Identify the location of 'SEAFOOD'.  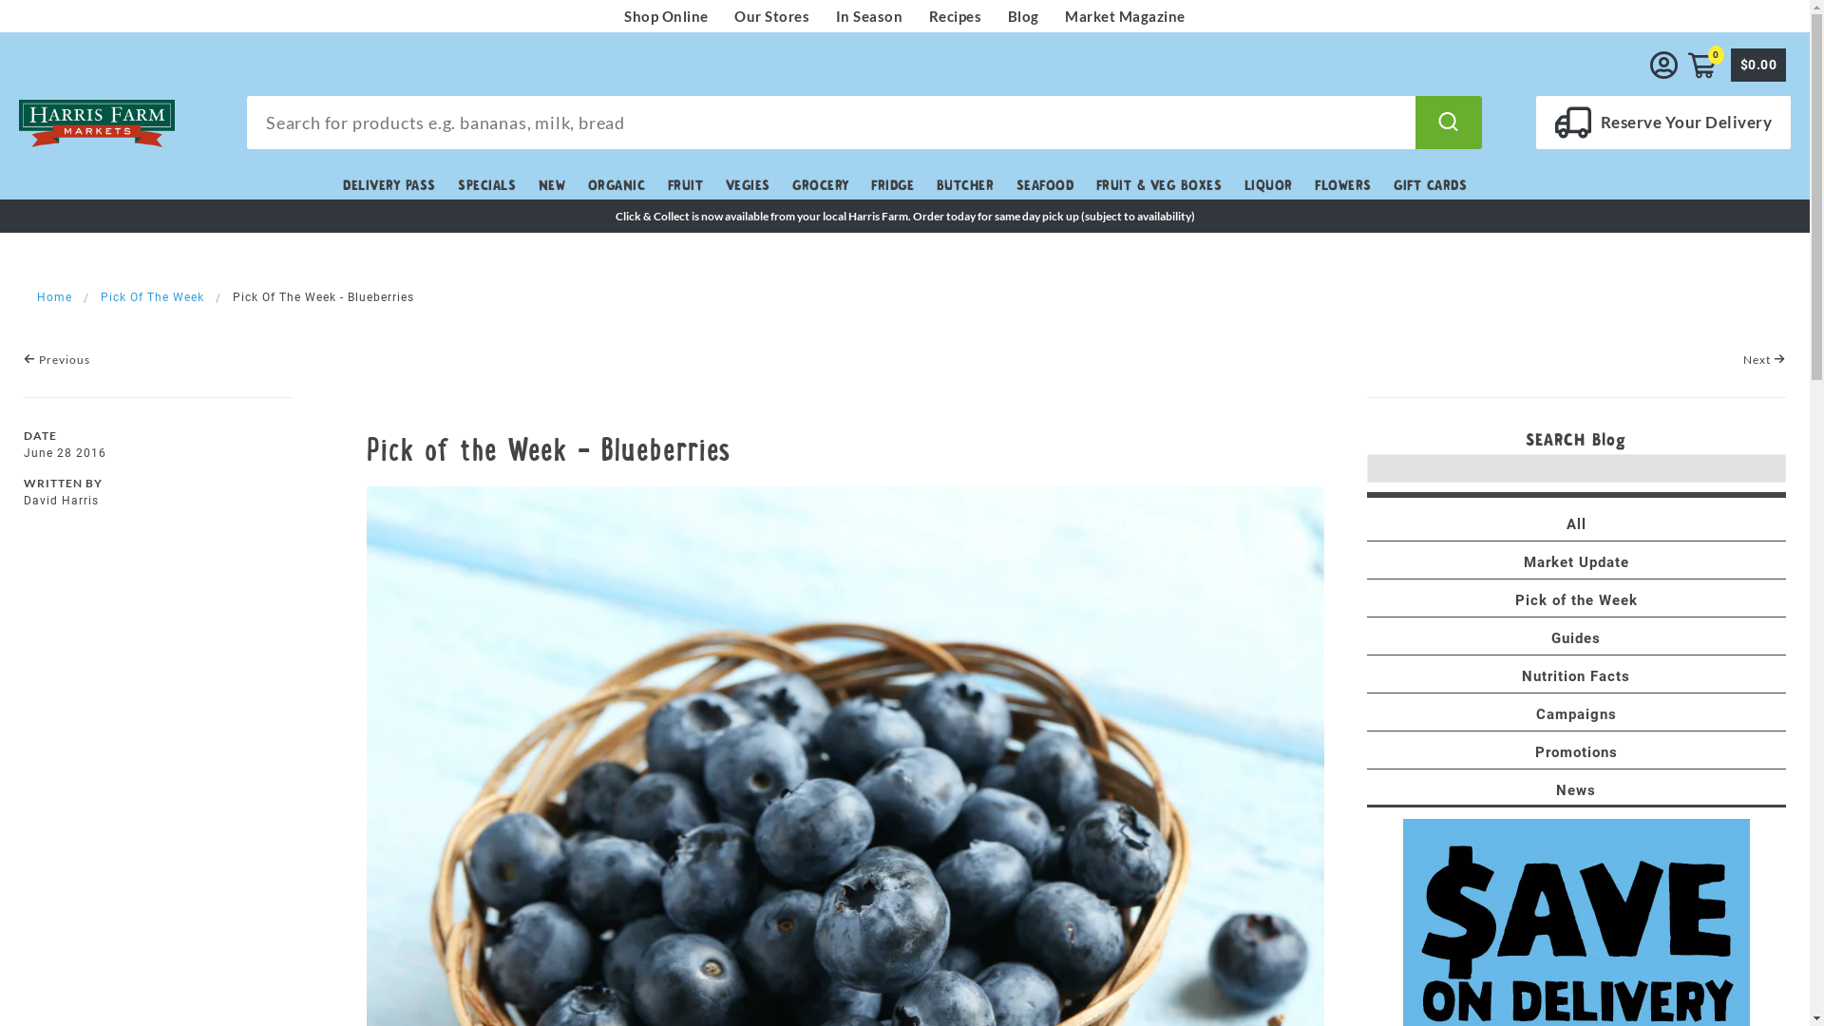
(1006, 185).